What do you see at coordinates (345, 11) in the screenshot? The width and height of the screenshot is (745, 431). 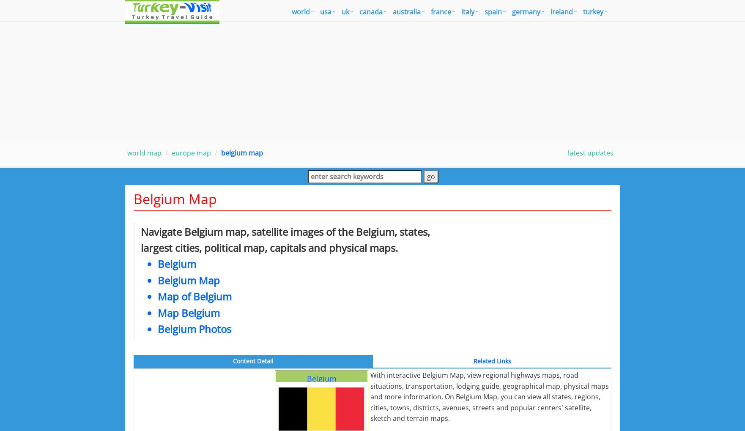 I see `'UK'` at bounding box center [345, 11].